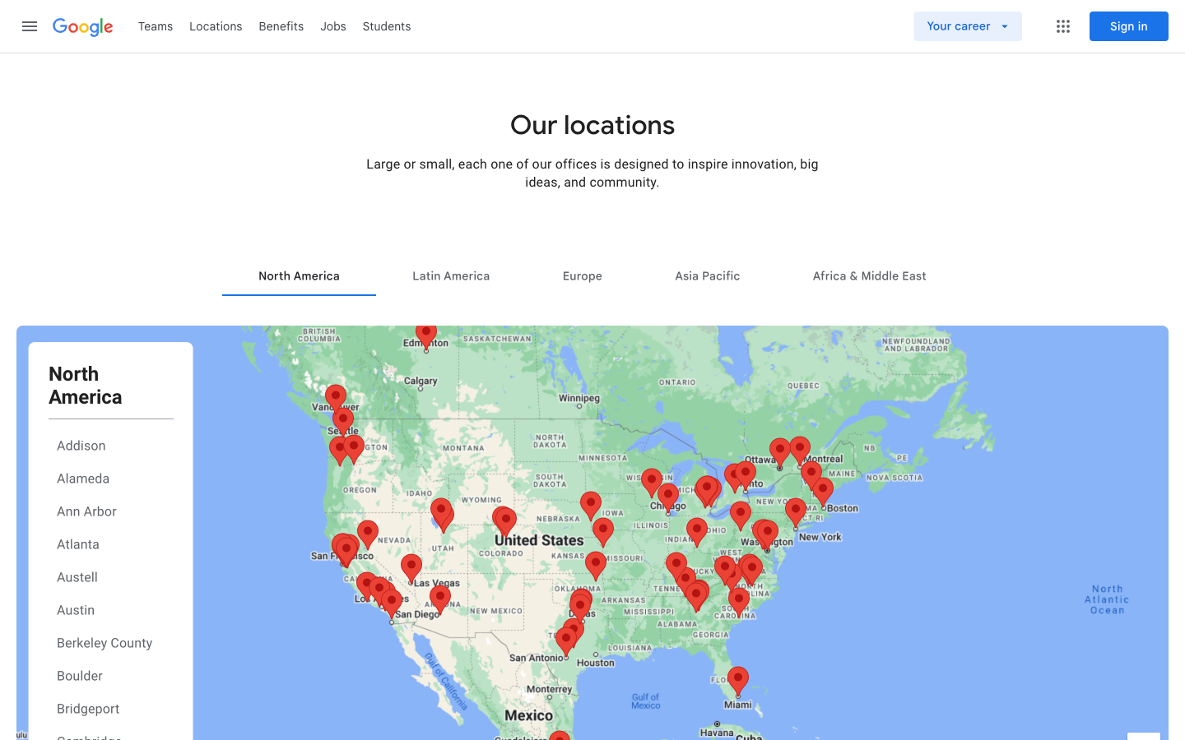 Image resolution: width=1185 pixels, height=740 pixels. What do you see at coordinates (281, 25) in the screenshot?
I see `See Benefits` at bounding box center [281, 25].